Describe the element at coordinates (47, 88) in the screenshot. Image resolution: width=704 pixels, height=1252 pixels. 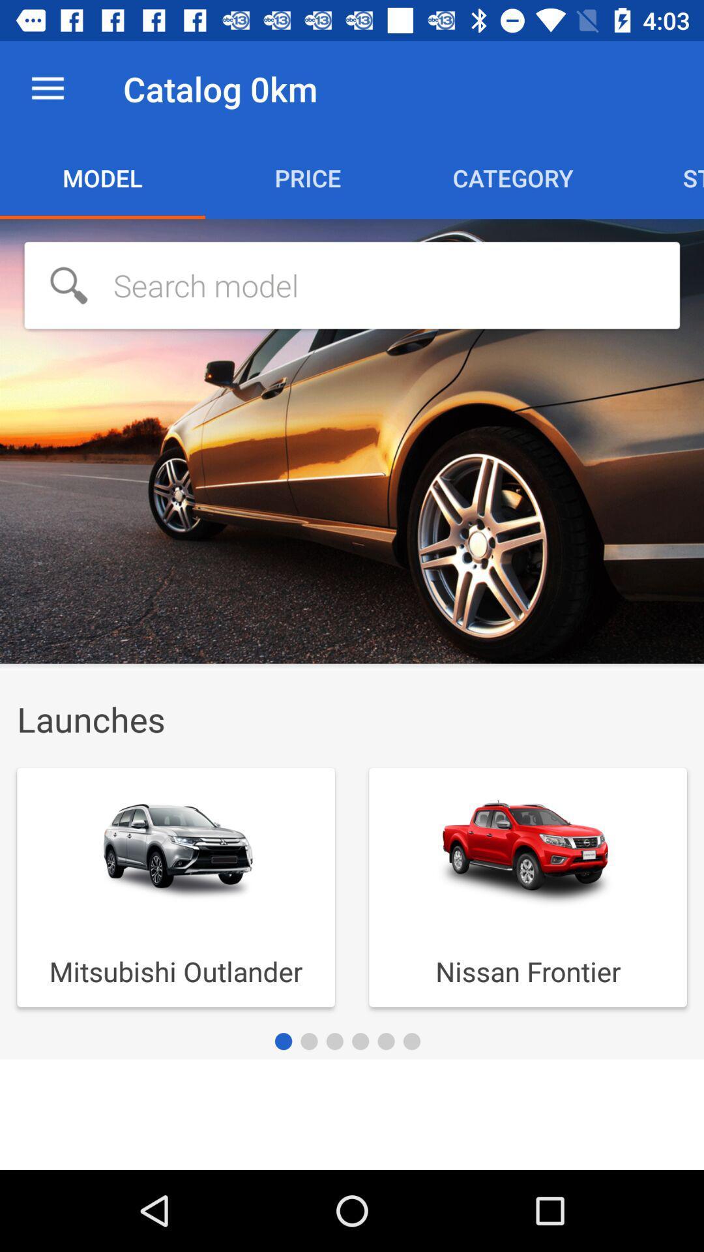
I see `item to the left of catalog 0km item` at that location.